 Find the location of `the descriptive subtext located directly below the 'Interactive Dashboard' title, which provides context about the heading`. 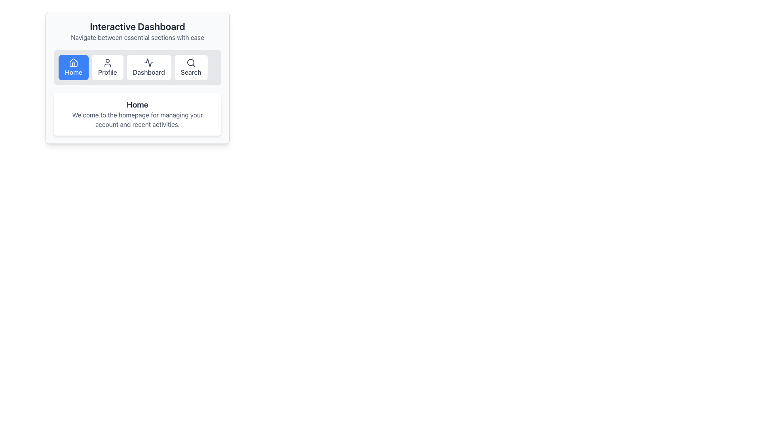

the descriptive subtext located directly below the 'Interactive Dashboard' title, which provides context about the heading is located at coordinates (137, 38).